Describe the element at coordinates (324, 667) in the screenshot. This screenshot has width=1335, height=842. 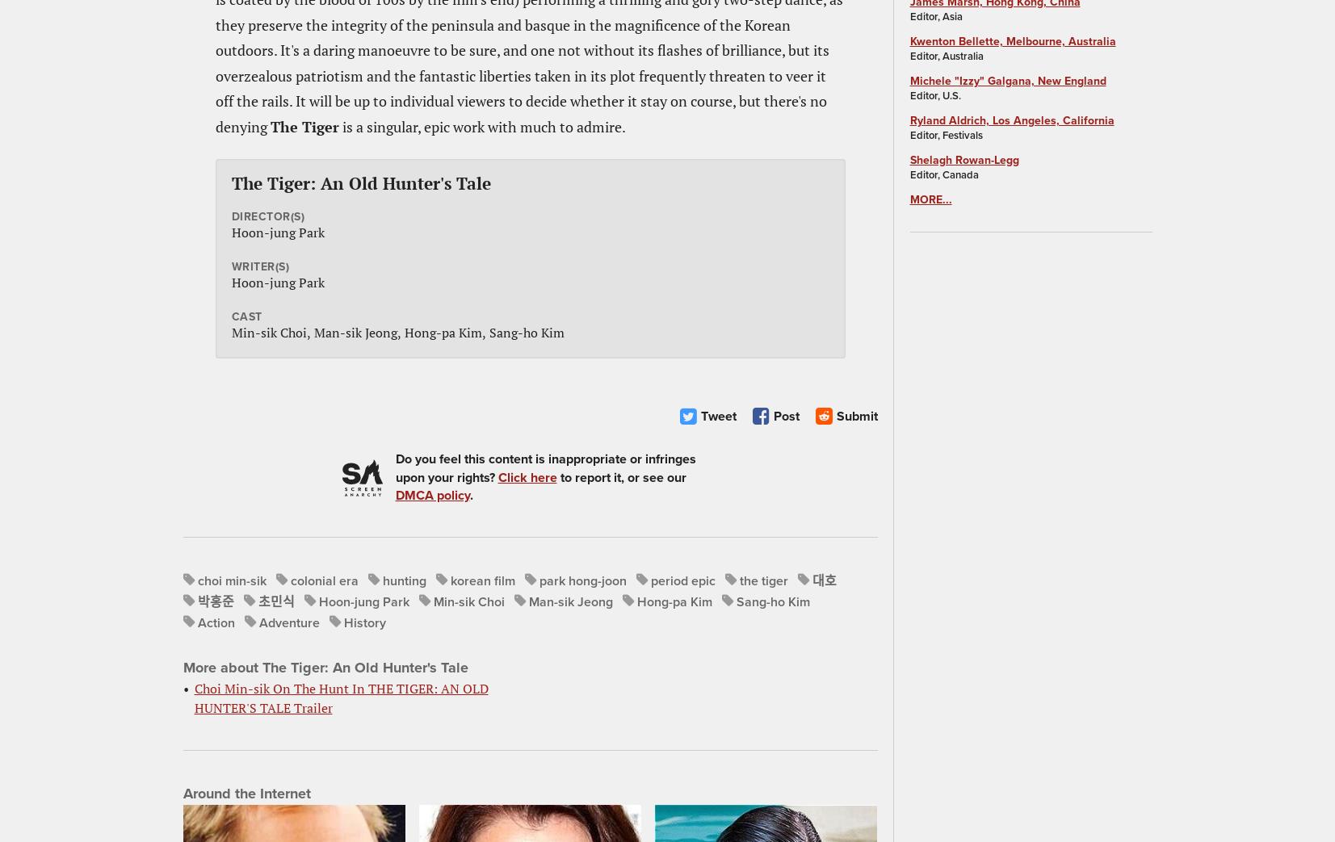
I see `'More about The Tiger: An Old Hunter's Tale'` at that location.